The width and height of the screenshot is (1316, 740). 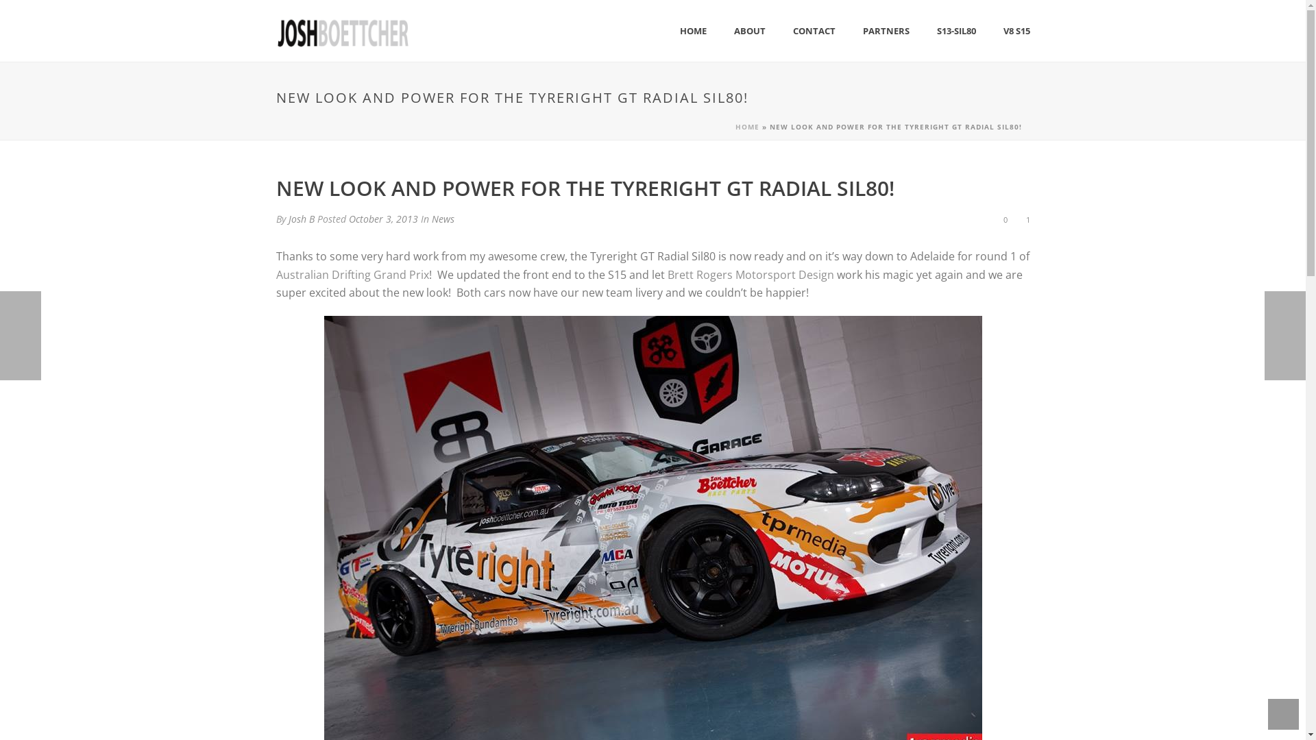 What do you see at coordinates (955, 31) in the screenshot?
I see `'S13-SIL80'` at bounding box center [955, 31].